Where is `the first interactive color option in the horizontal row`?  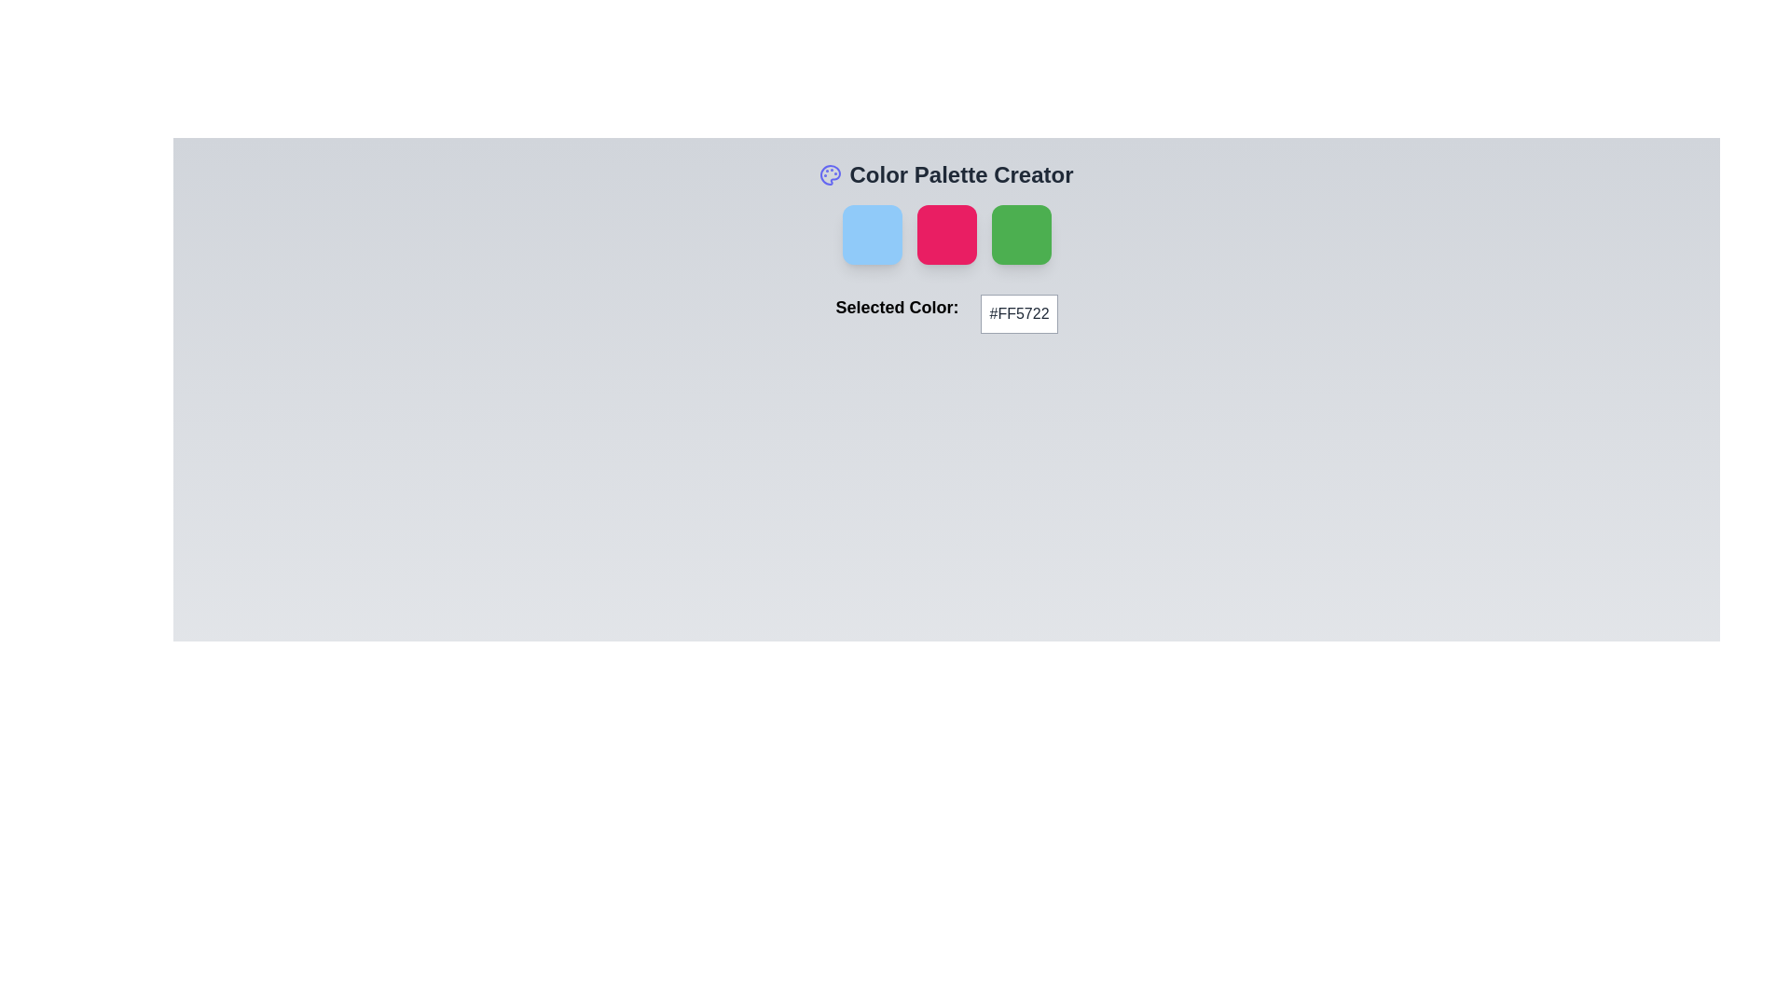 the first interactive color option in the horizontal row is located at coordinates (871, 233).